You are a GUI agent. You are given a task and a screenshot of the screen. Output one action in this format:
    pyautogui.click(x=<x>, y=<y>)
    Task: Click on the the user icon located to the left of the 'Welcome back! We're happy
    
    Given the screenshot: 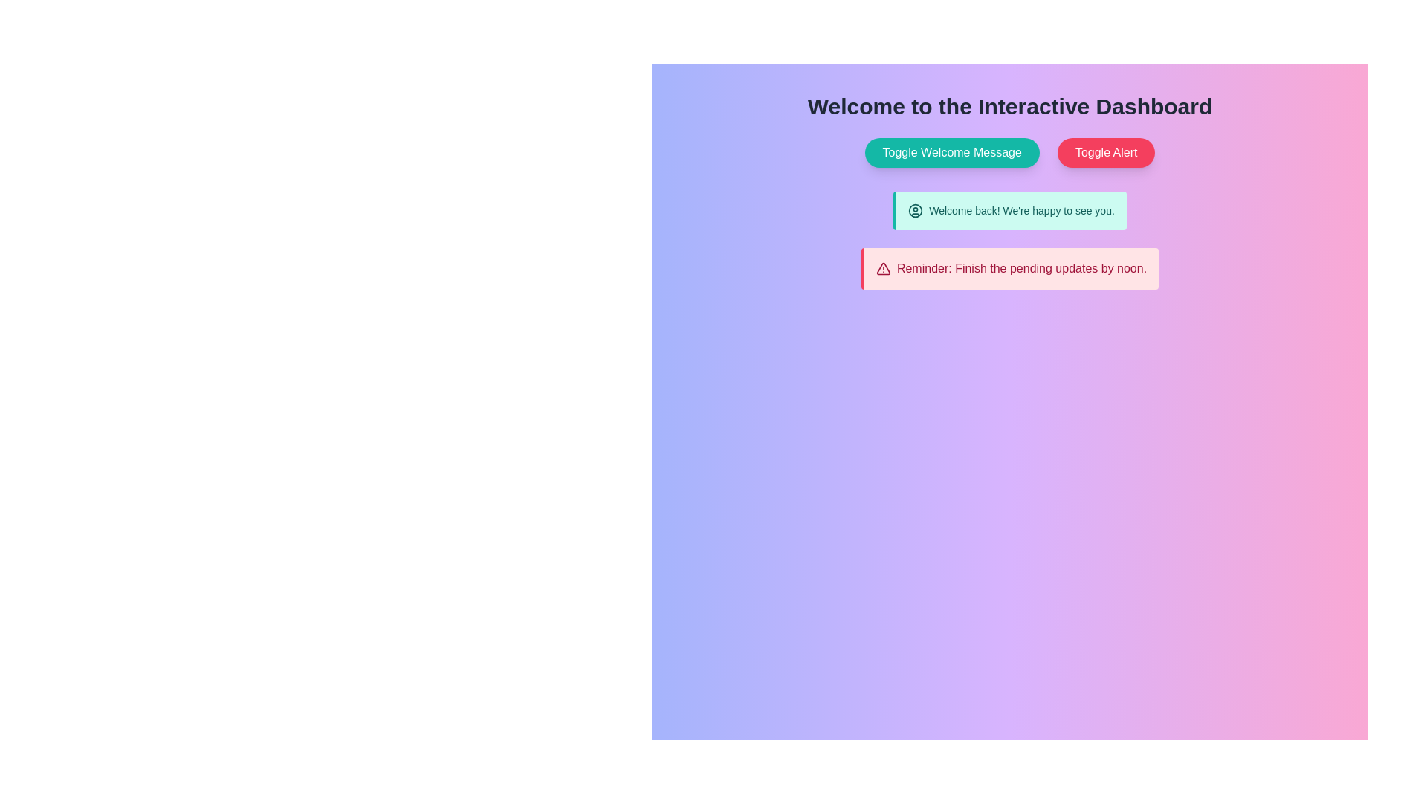 What is the action you would take?
    pyautogui.click(x=915, y=211)
    